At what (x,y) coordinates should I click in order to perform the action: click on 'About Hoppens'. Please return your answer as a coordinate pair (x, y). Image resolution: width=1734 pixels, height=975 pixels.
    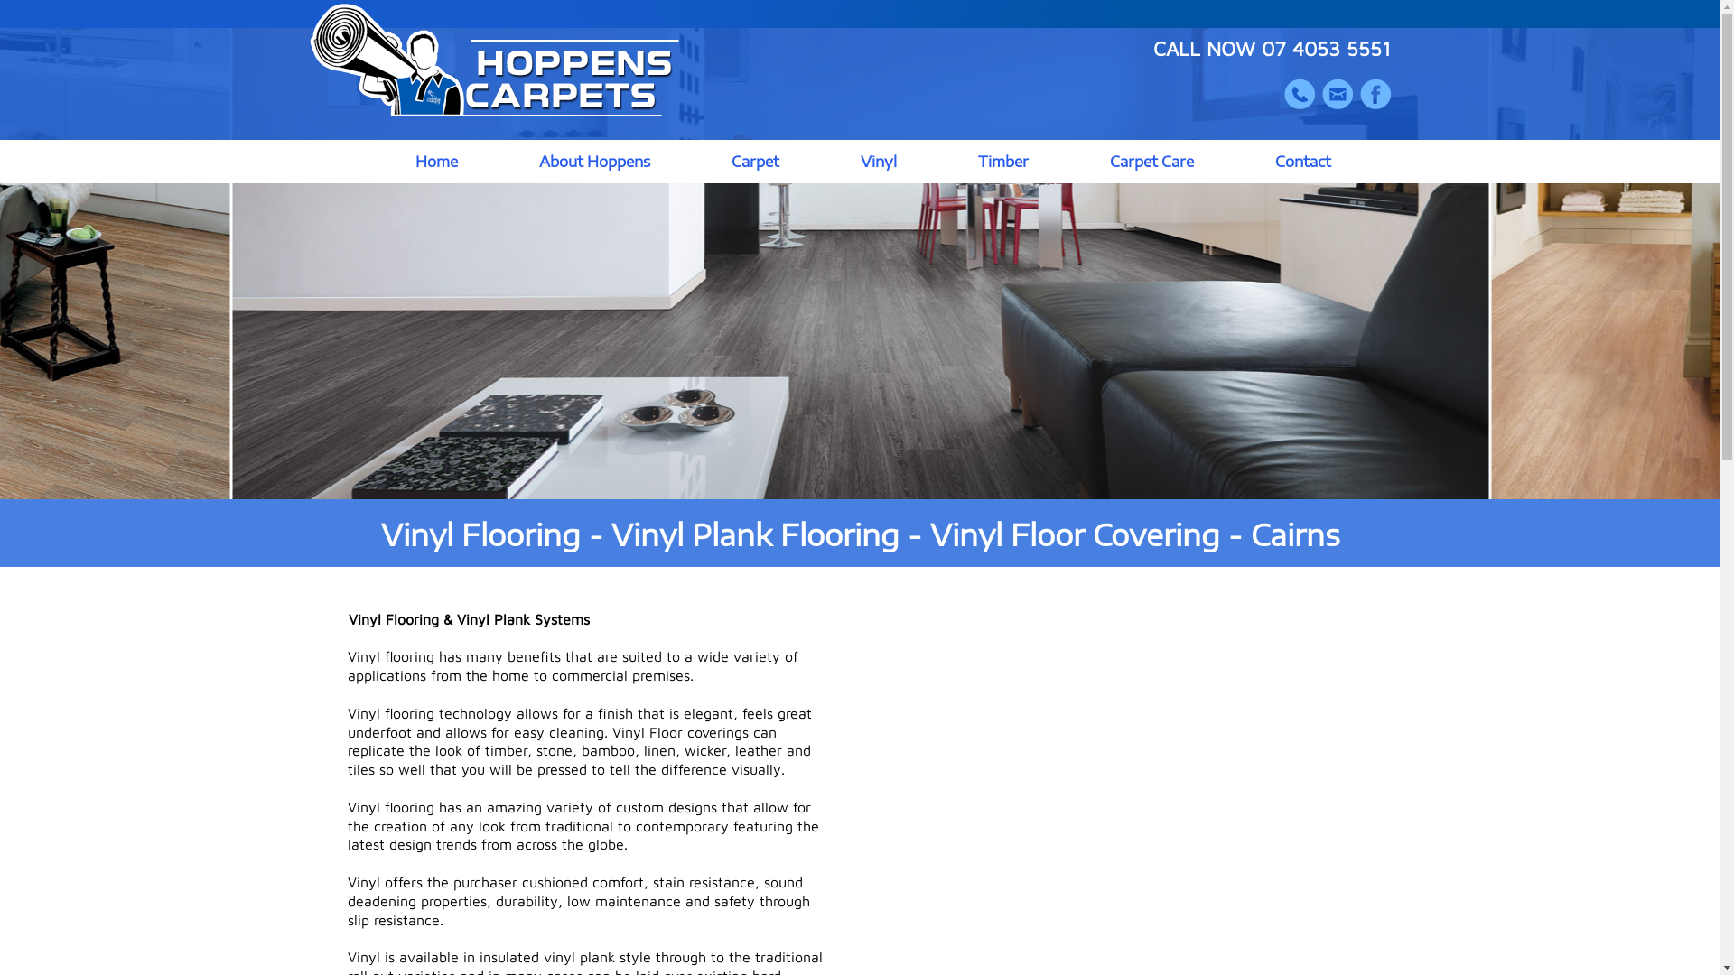
    Looking at the image, I should click on (594, 160).